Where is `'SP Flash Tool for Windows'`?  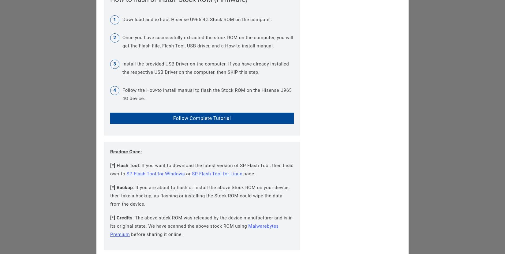 'SP Flash Tool for Windows' is located at coordinates (155, 173).